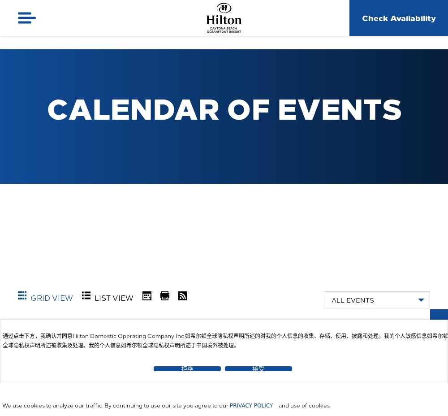  Describe the element at coordinates (123, 383) in the screenshot. I see `'September'` at that location.